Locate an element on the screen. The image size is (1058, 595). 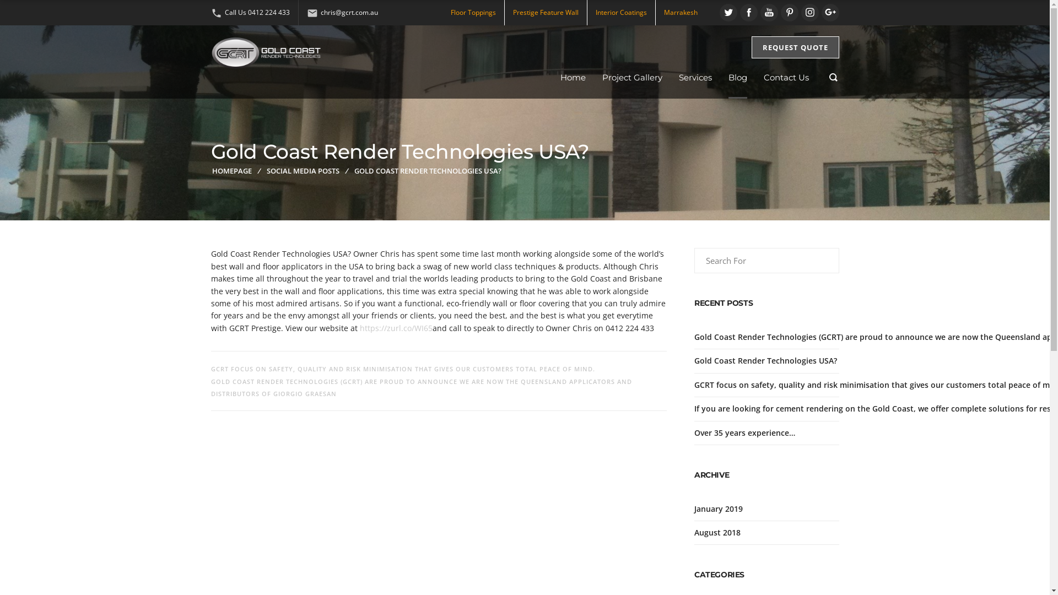
'REQUEST QUOTE' is located at coordinates (795, 46).